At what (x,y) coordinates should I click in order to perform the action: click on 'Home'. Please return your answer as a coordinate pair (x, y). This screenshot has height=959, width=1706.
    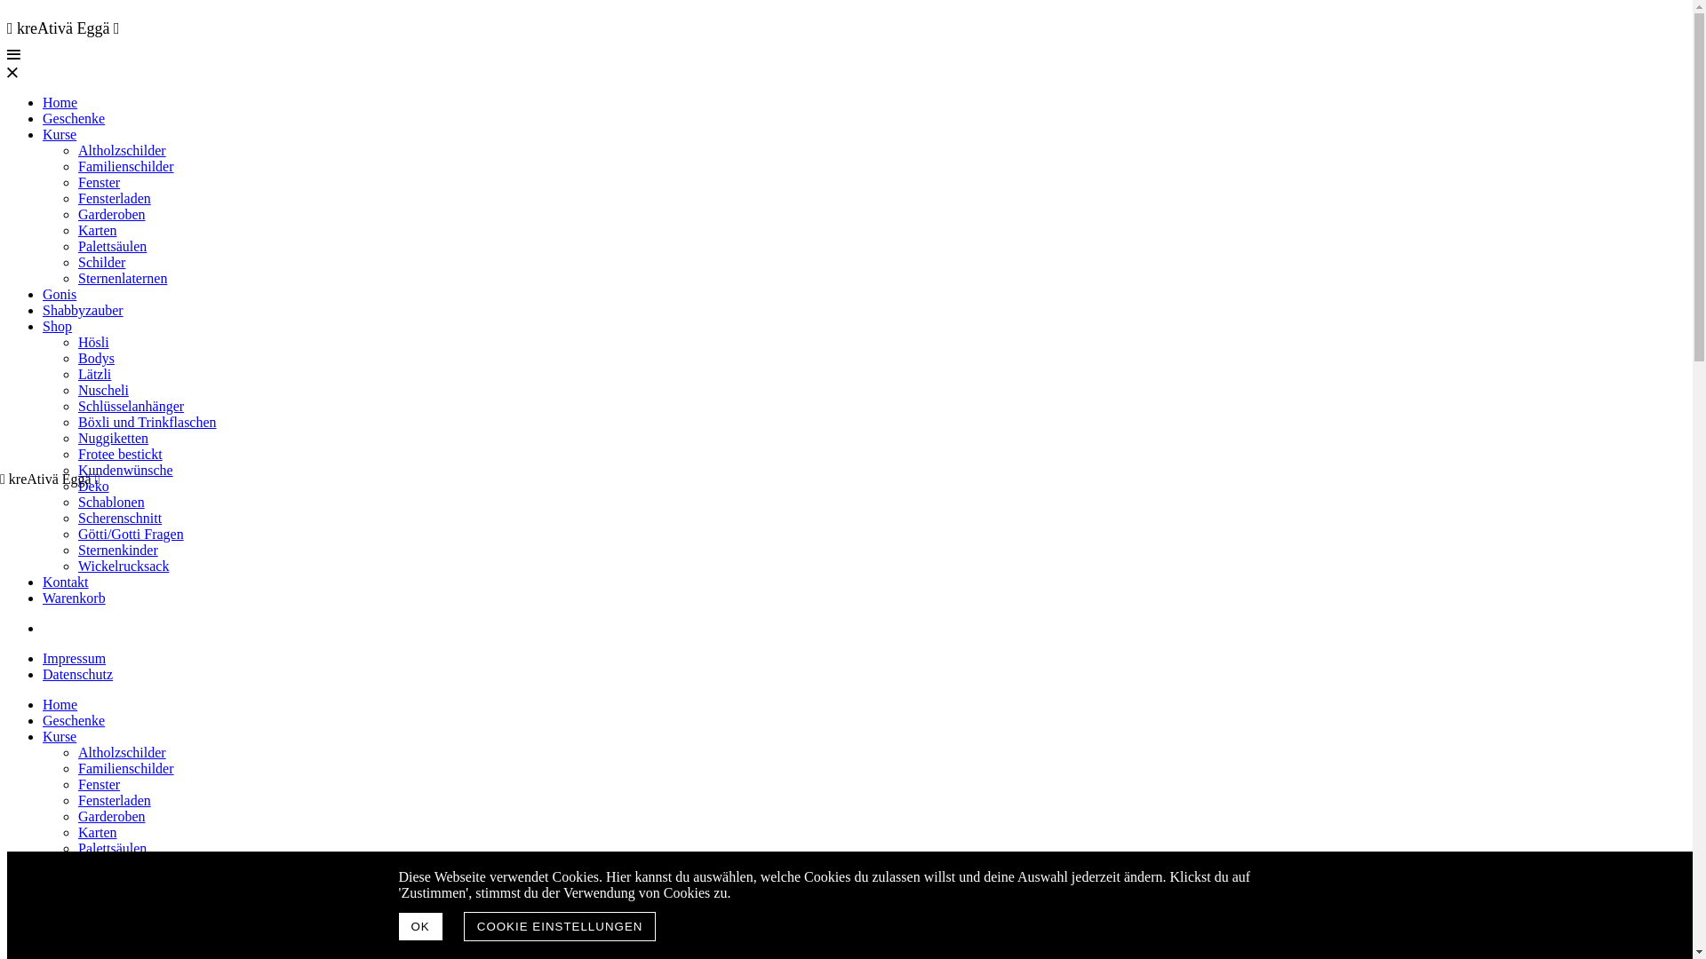
    Looking at the image, I should click on (60, 703).